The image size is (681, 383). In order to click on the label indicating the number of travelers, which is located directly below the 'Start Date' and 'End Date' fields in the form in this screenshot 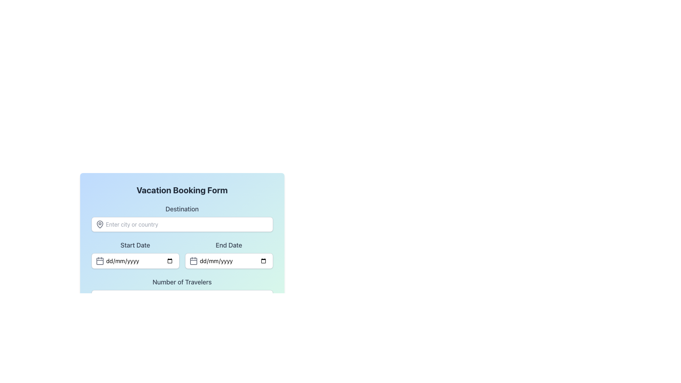, I will do `click(182, 282)`.